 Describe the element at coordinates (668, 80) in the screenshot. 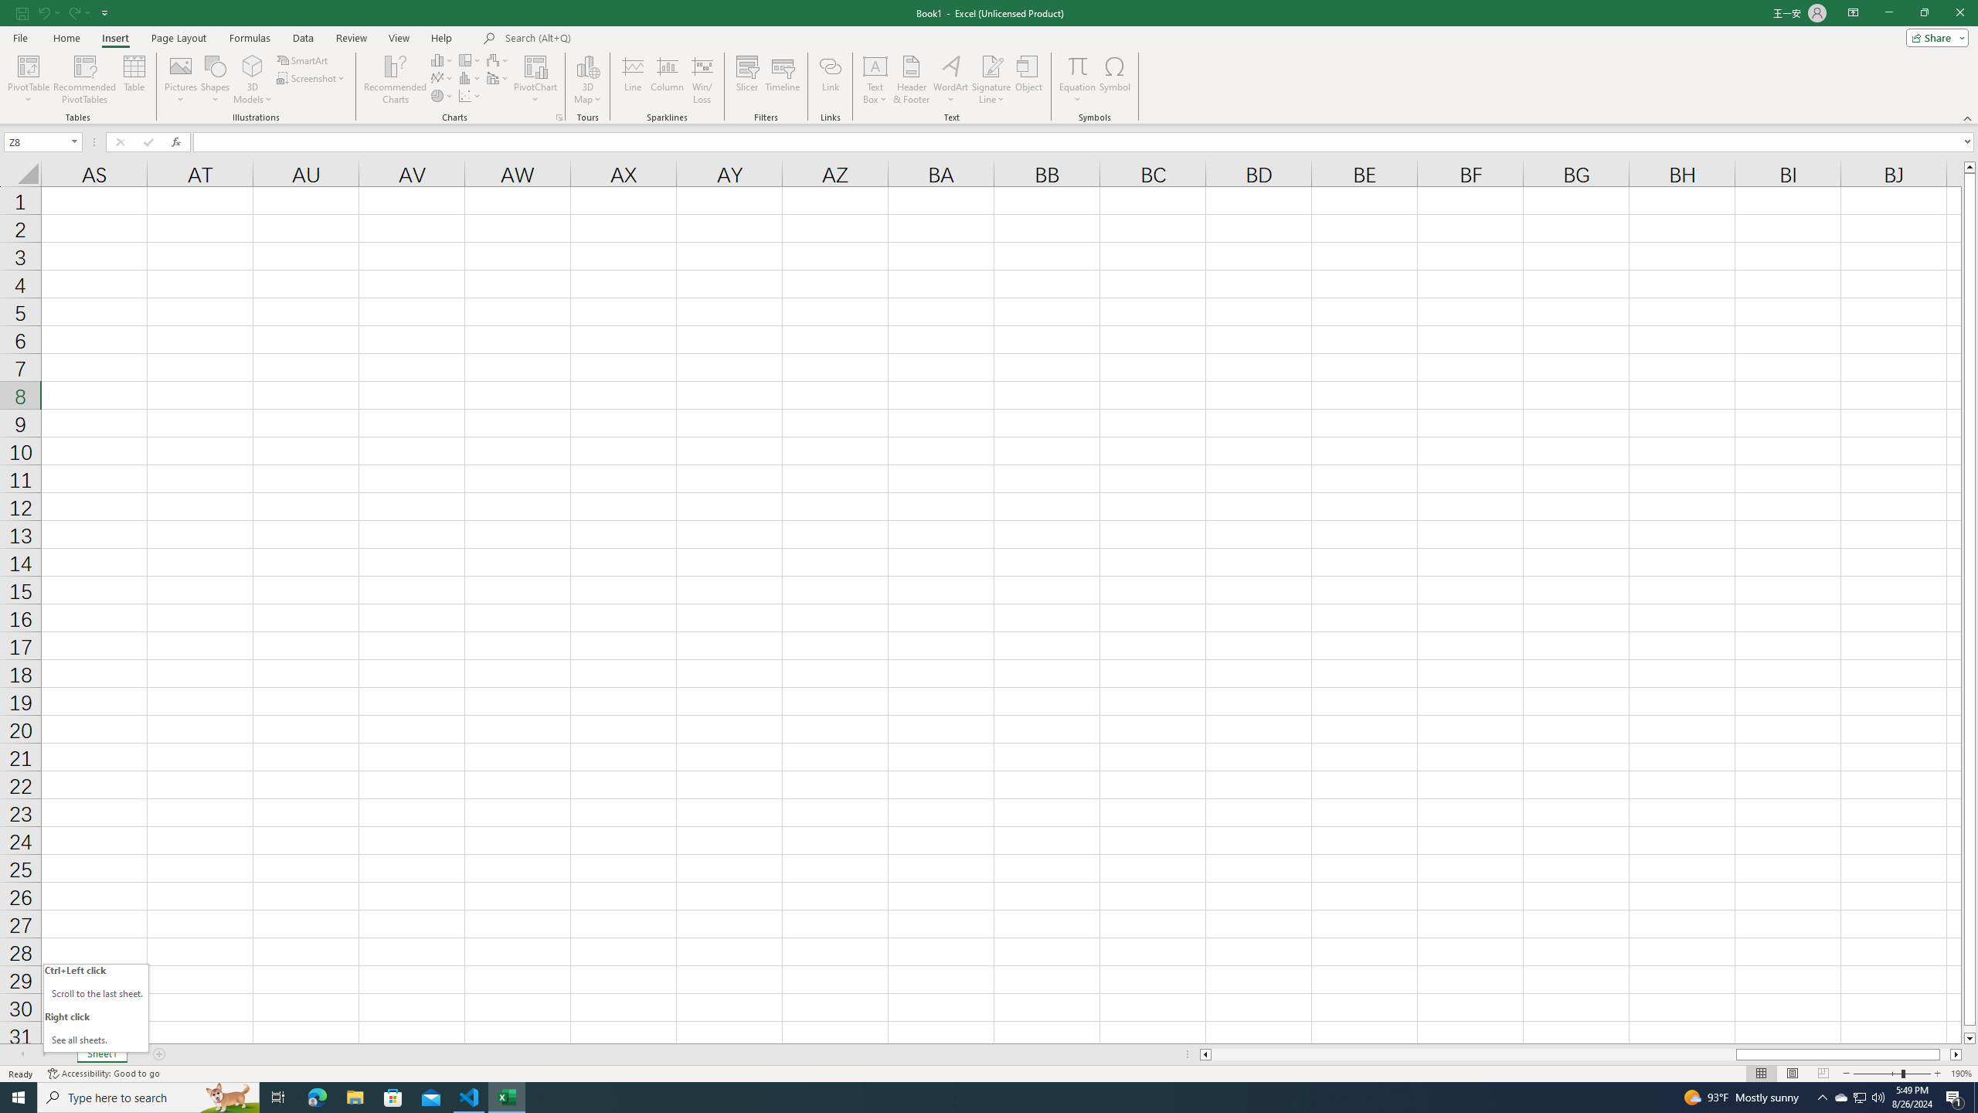

I see `'Column'` at that location.